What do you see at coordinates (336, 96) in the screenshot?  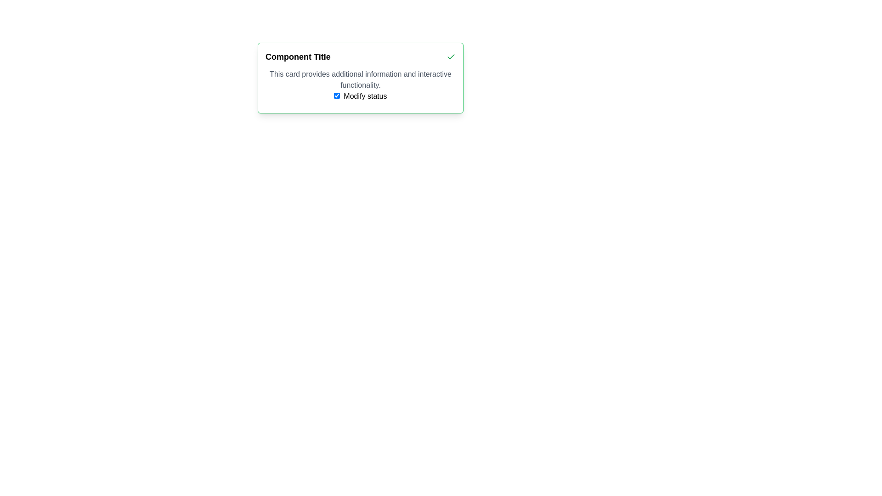 I see `the checkbox labeled 'Modify status'` at bounding box center [336, 96].